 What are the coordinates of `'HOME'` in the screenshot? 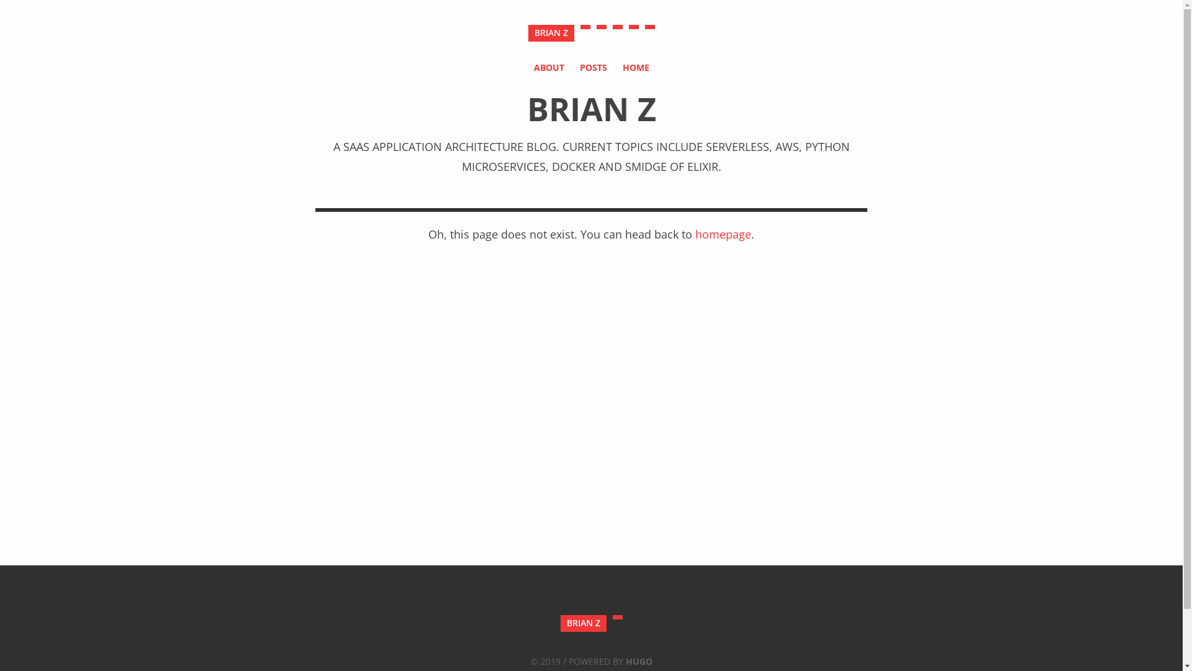 It's located at (635, 67).